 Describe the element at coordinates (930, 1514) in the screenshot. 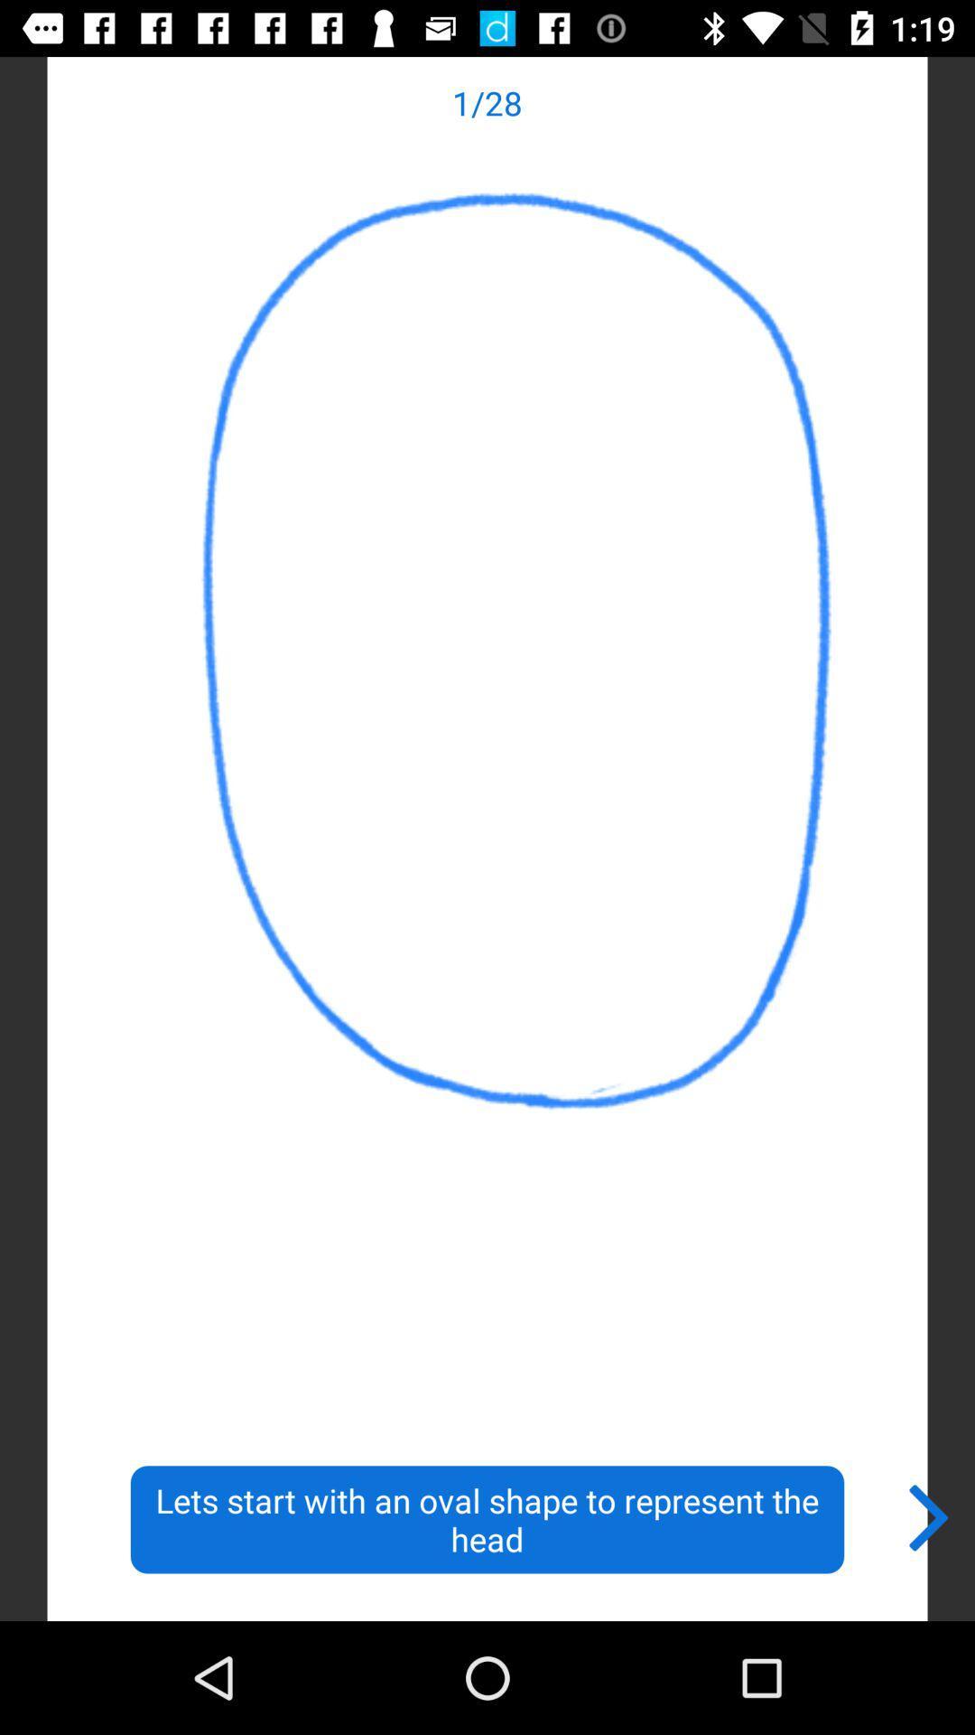

I see `icon to the right of lets start with` at that location.